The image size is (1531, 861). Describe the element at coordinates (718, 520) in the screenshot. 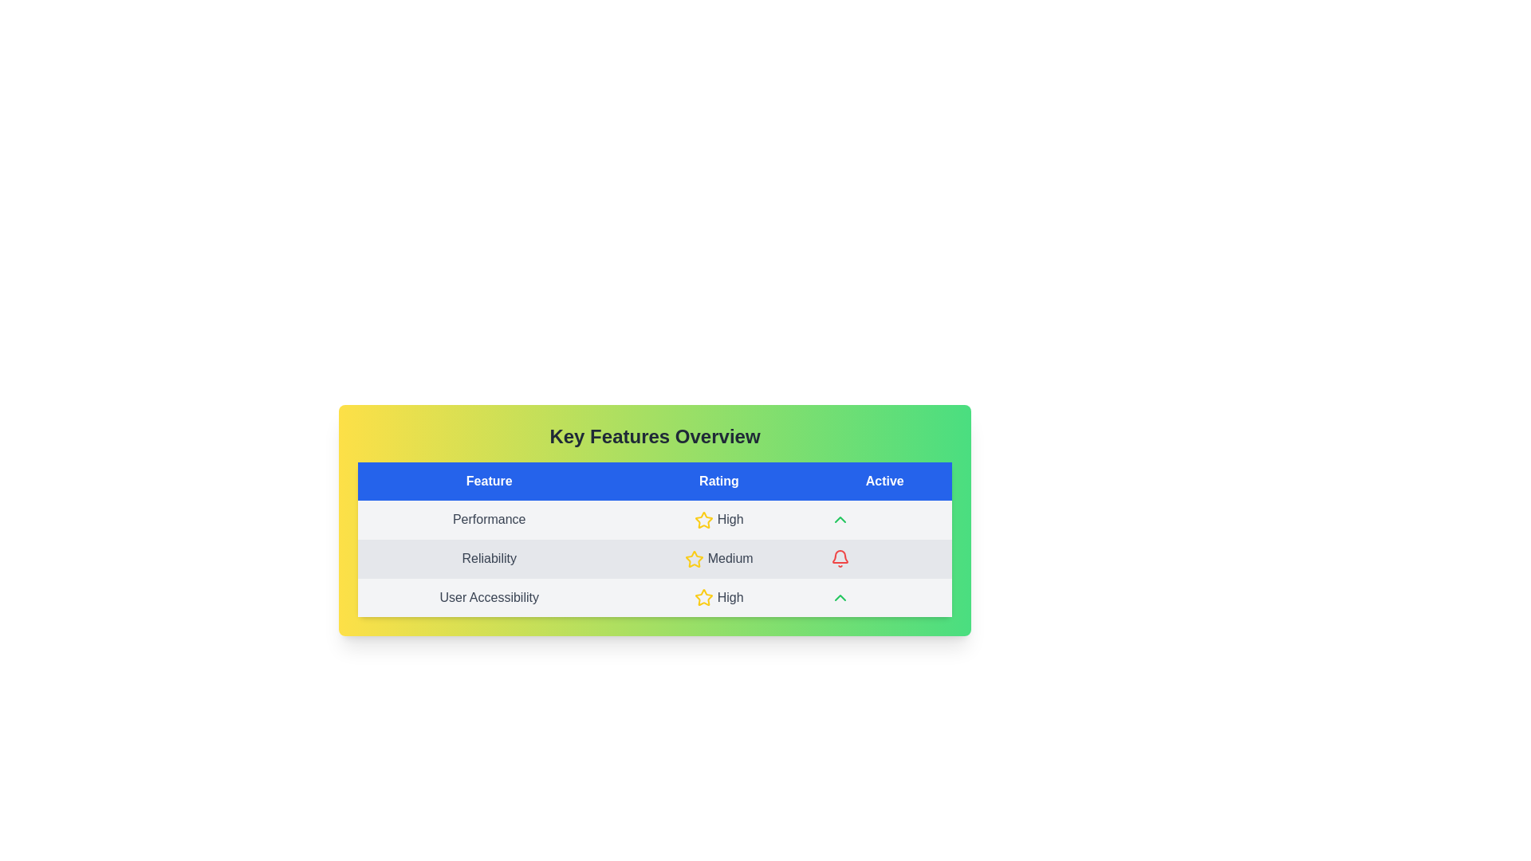

I see `the 'High' text label with the yellow star icon` at that location.